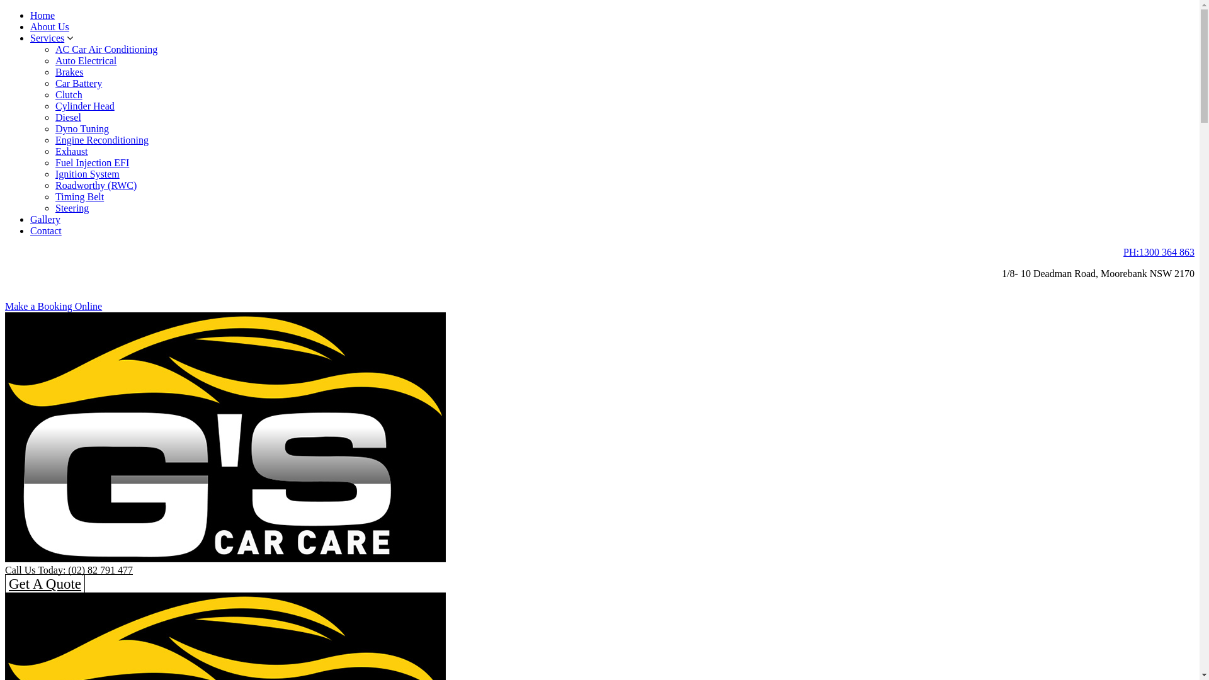  I want to click on 'Make a Booking Online', so click(5, 306).